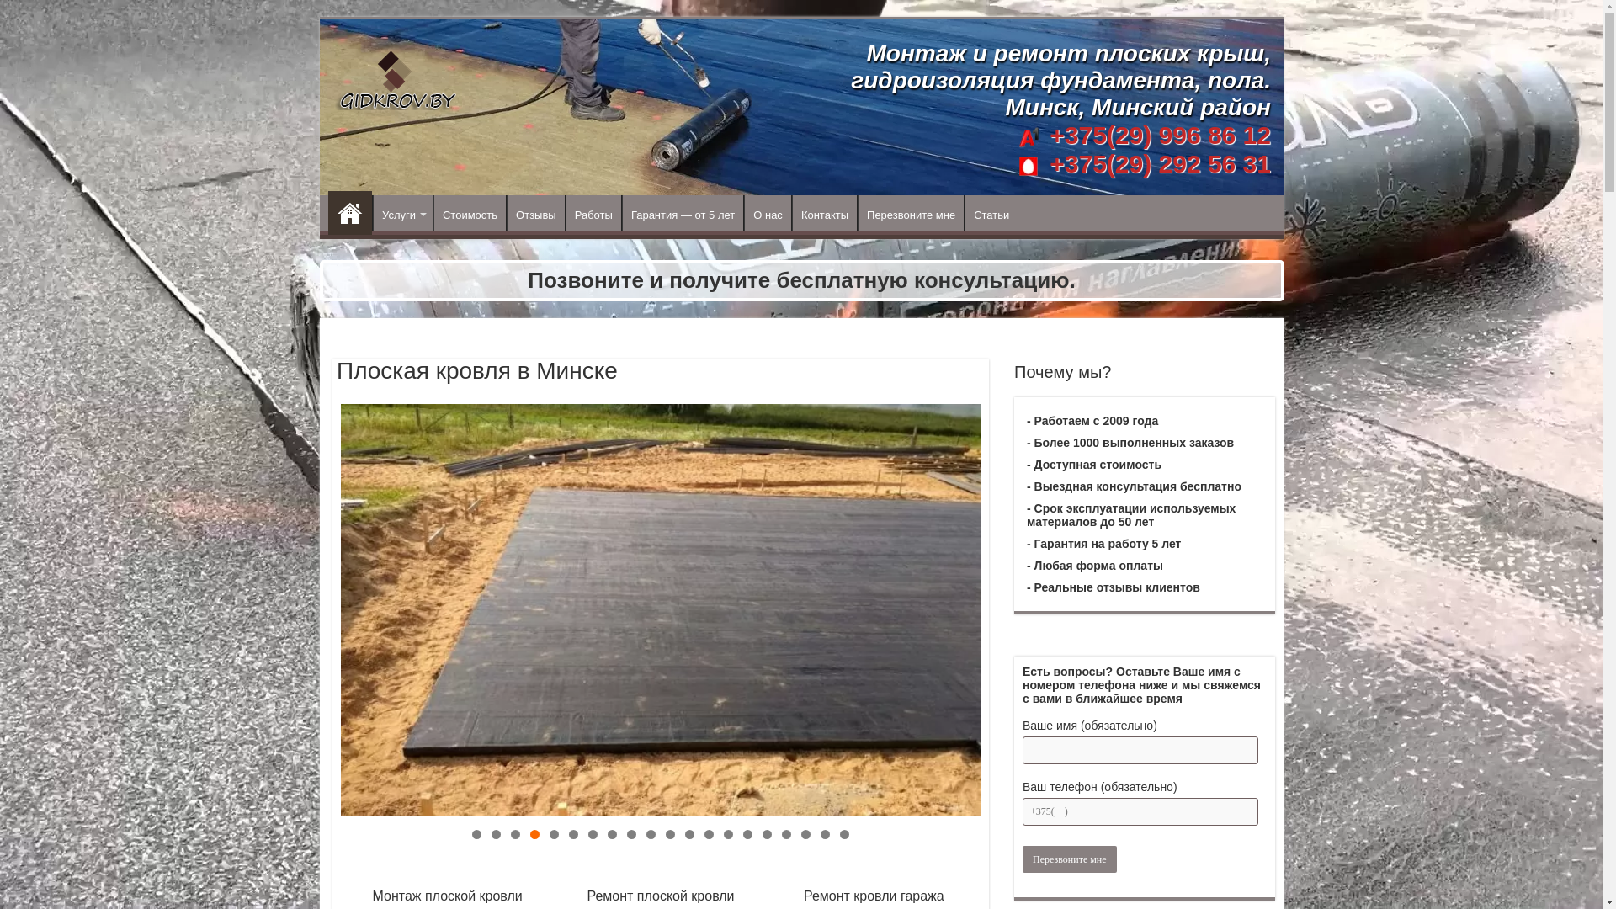 The height and width of the screenshot is (909, 1616). What do you see at coordinates (588, 834) in the screenshot?
I see `'7'` at bounding box center [588, 834].